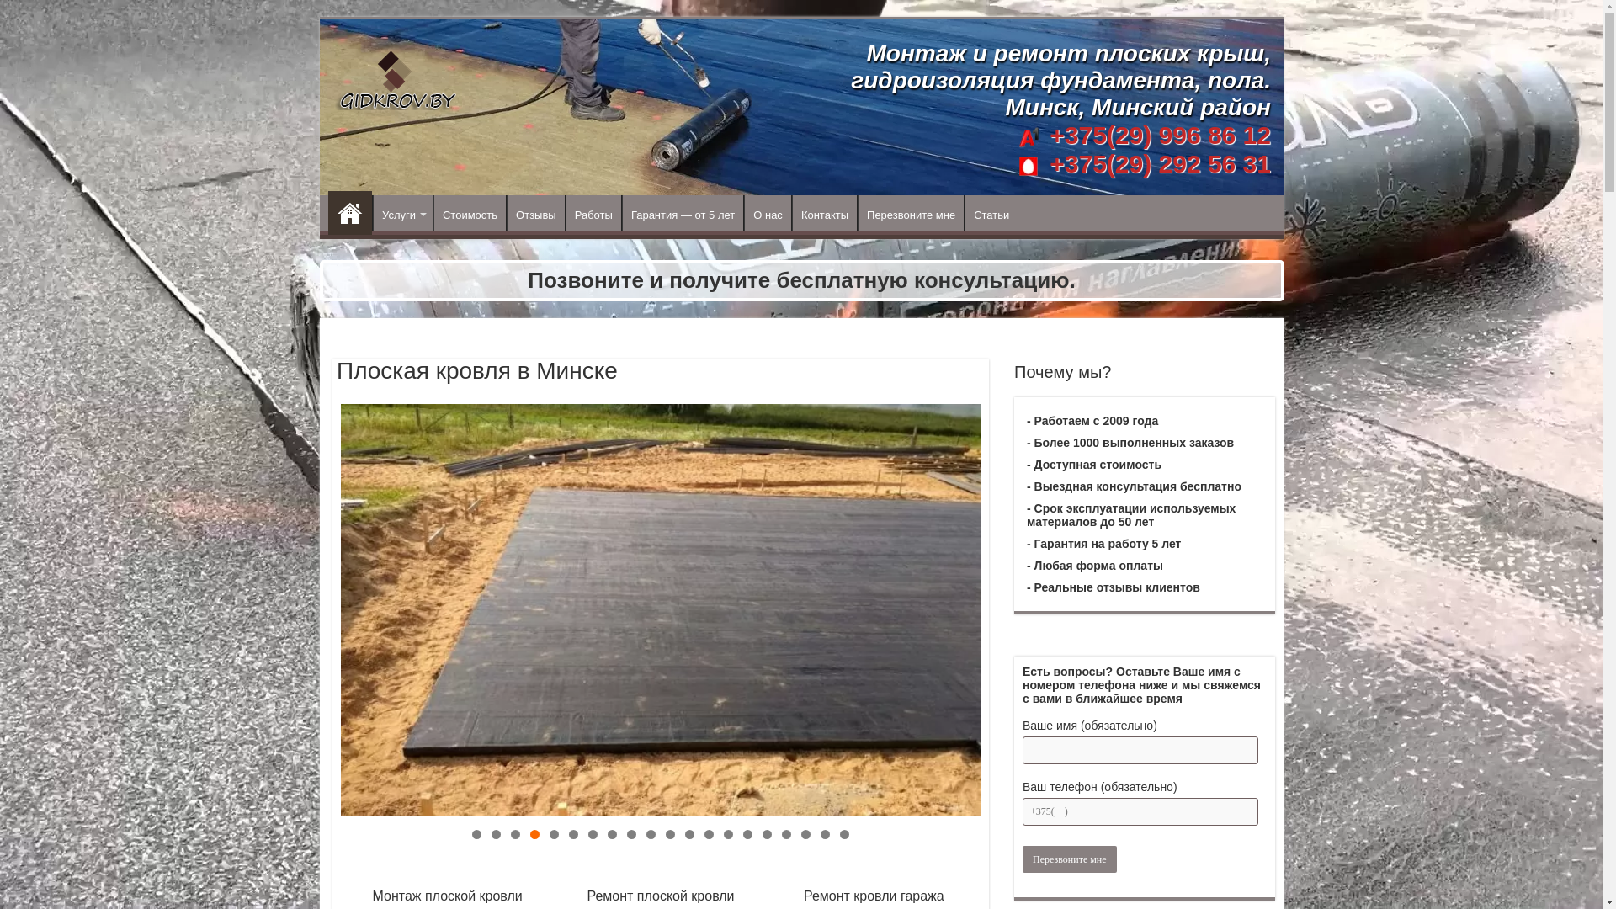 The height and width of the screenshot is (909, 1616). What do you see at coordinates (588, 834) in the screenshot?
I see `'7'` at bounding box center [588, 834].